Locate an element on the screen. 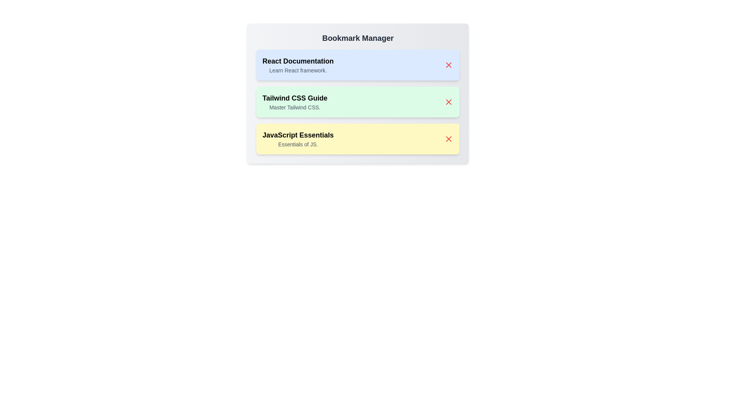 The width and height of the screenshot is (739, 416). close button next to the bookmark titled JavaScript Essentials to remove it is located at coordinates (449, 139).